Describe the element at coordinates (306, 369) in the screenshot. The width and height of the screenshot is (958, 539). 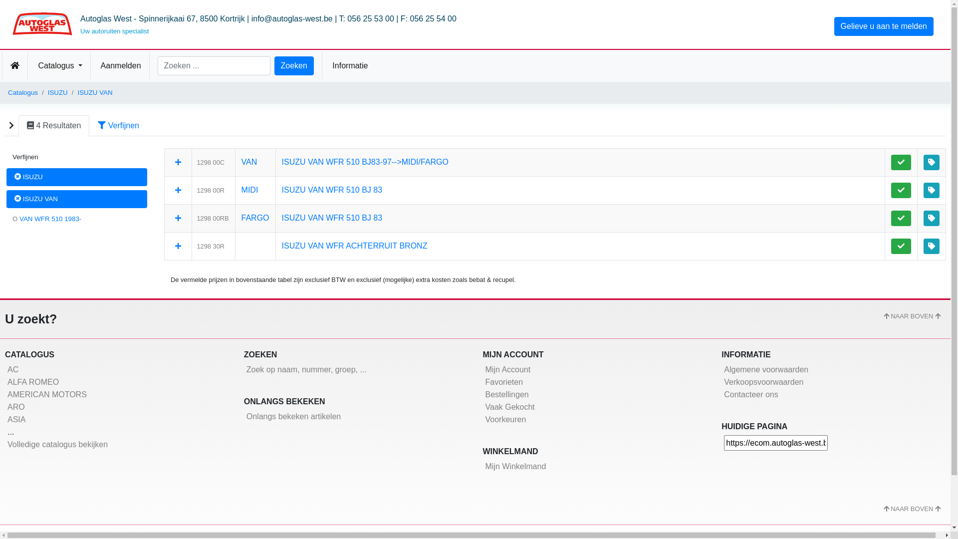
I see `'Zoek op naam, nummer, groep, ...'` at that location.